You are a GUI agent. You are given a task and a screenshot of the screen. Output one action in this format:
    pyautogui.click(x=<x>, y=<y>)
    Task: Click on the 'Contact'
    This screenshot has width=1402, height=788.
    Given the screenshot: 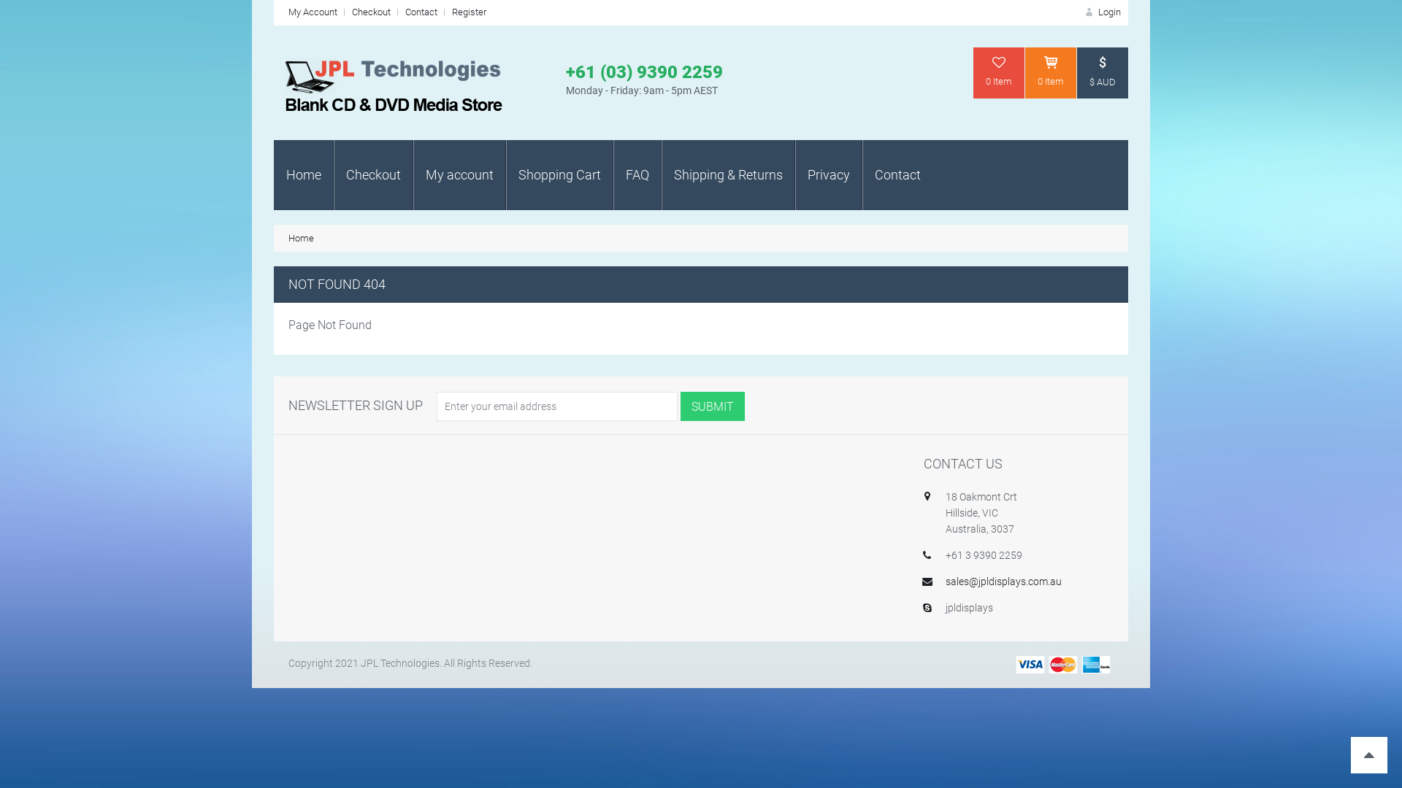 What is the action you would take?
    pyautogui.click(x=405, y=12)
    